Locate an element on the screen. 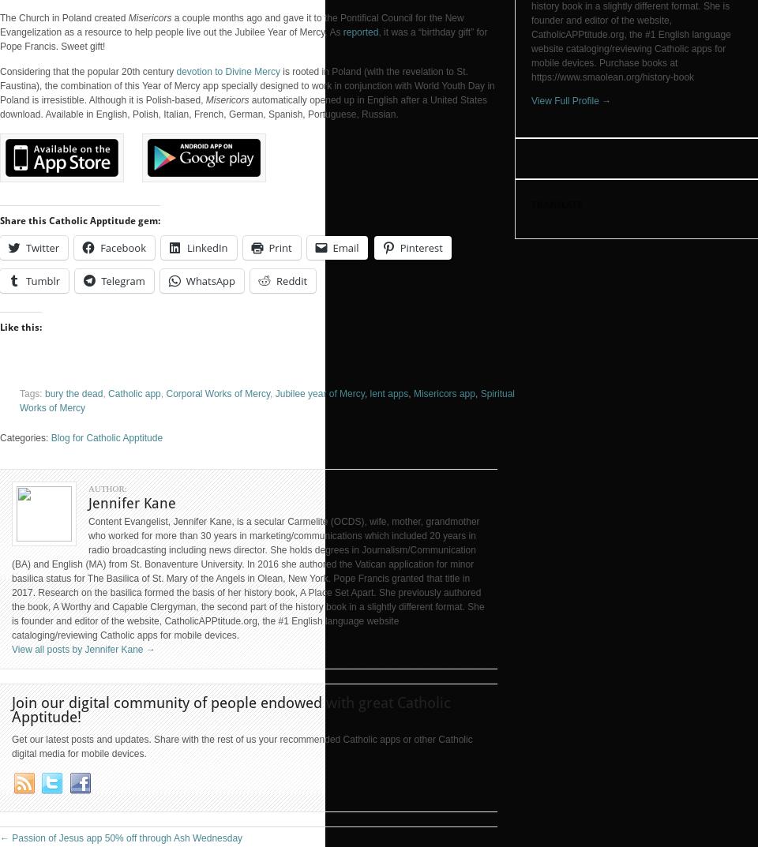  'Telegram' is located at coordinates (122, 281).